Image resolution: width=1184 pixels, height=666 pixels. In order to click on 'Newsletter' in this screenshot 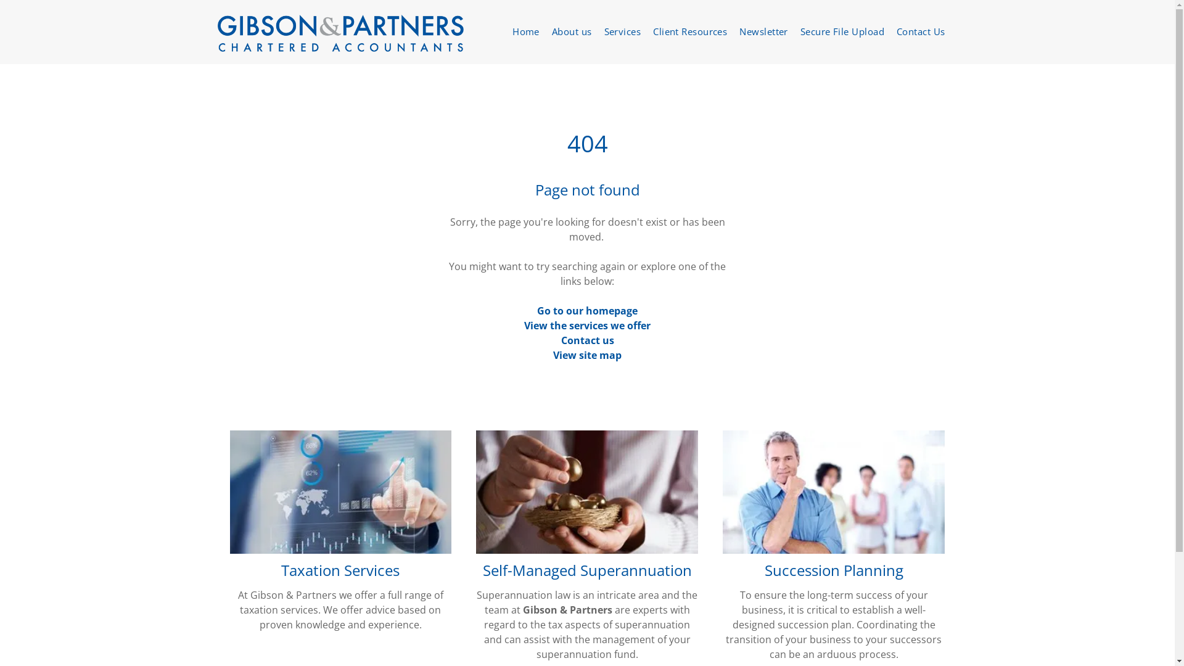, I will do `click(763, 31)`.